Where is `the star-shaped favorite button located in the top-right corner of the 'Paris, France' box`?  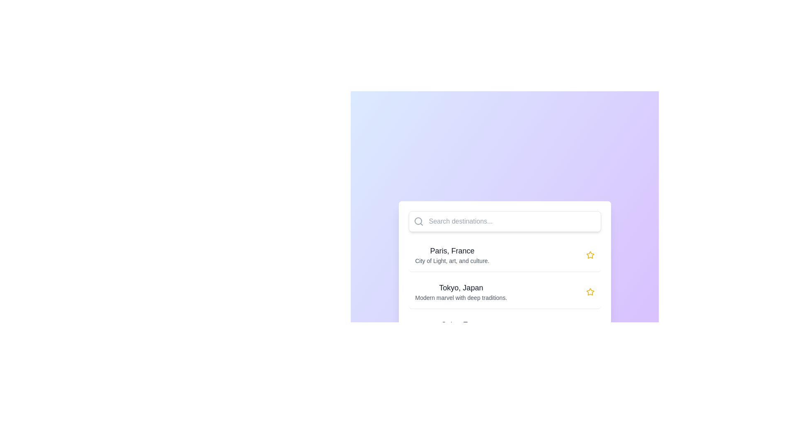 the star-shaped favorite button located in the top-right corner of the 'Paris, France' box is located at coordinates (590, 254).